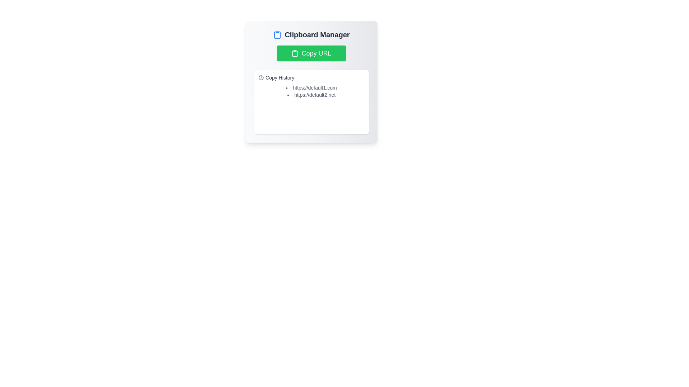 This screenshot has height=387, width=689. What do you see at coordinates (311, 81) in the screenshot?
I see `the clipboard management panel to access its contained elements such as buttons and text` at bounding box center [311, 81].